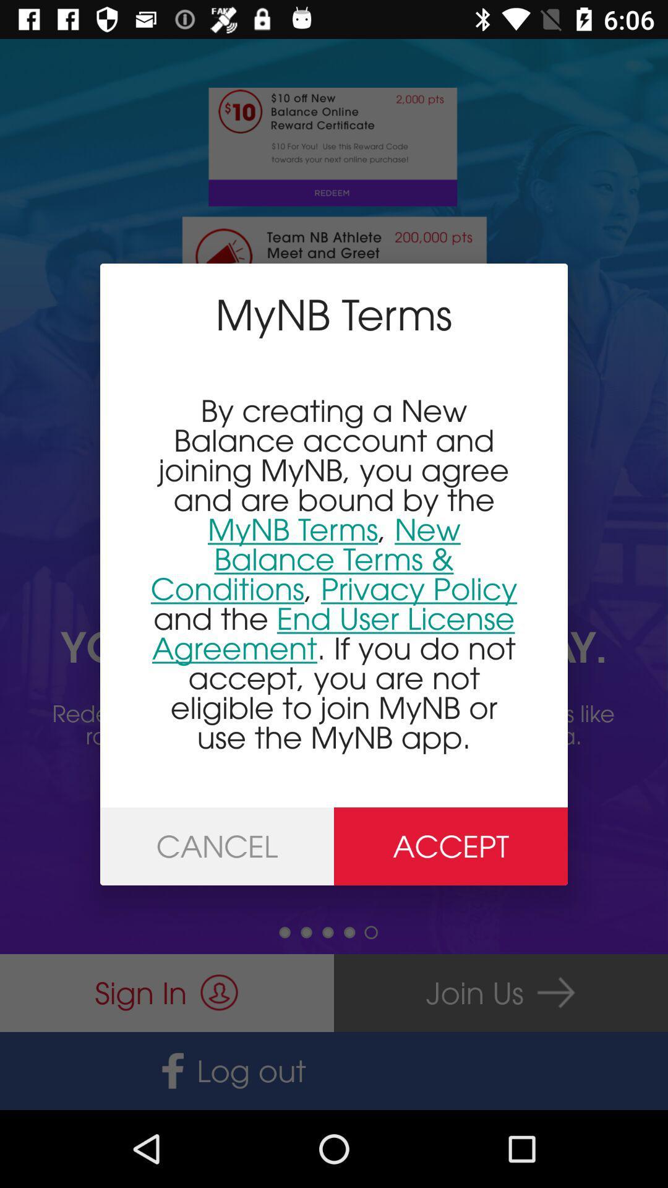 This screenshot has height=1188, width=668. Describe the element at coordinates (216, 846) in the screenshot. I see `item at the bottom left corner` at that location.